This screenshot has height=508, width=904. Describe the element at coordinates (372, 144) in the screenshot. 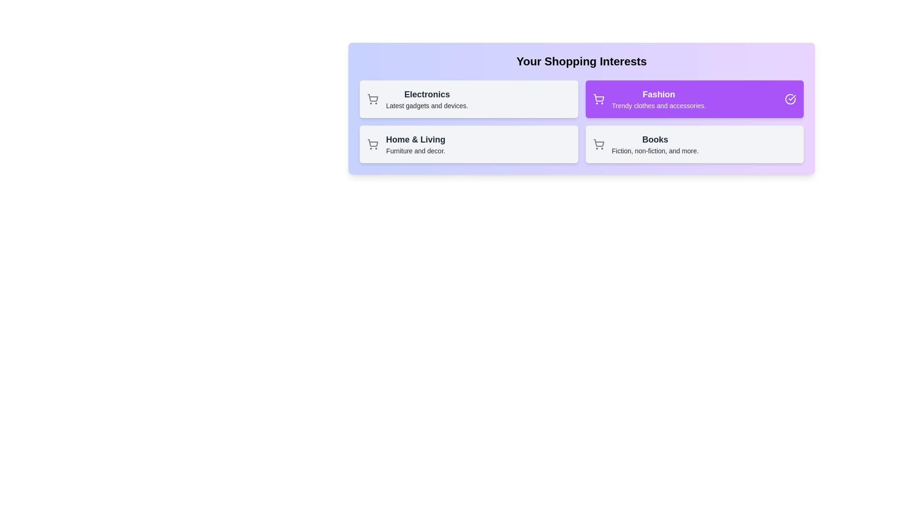

I see `the icon for the category Home & Living to toggle its state` at that location.